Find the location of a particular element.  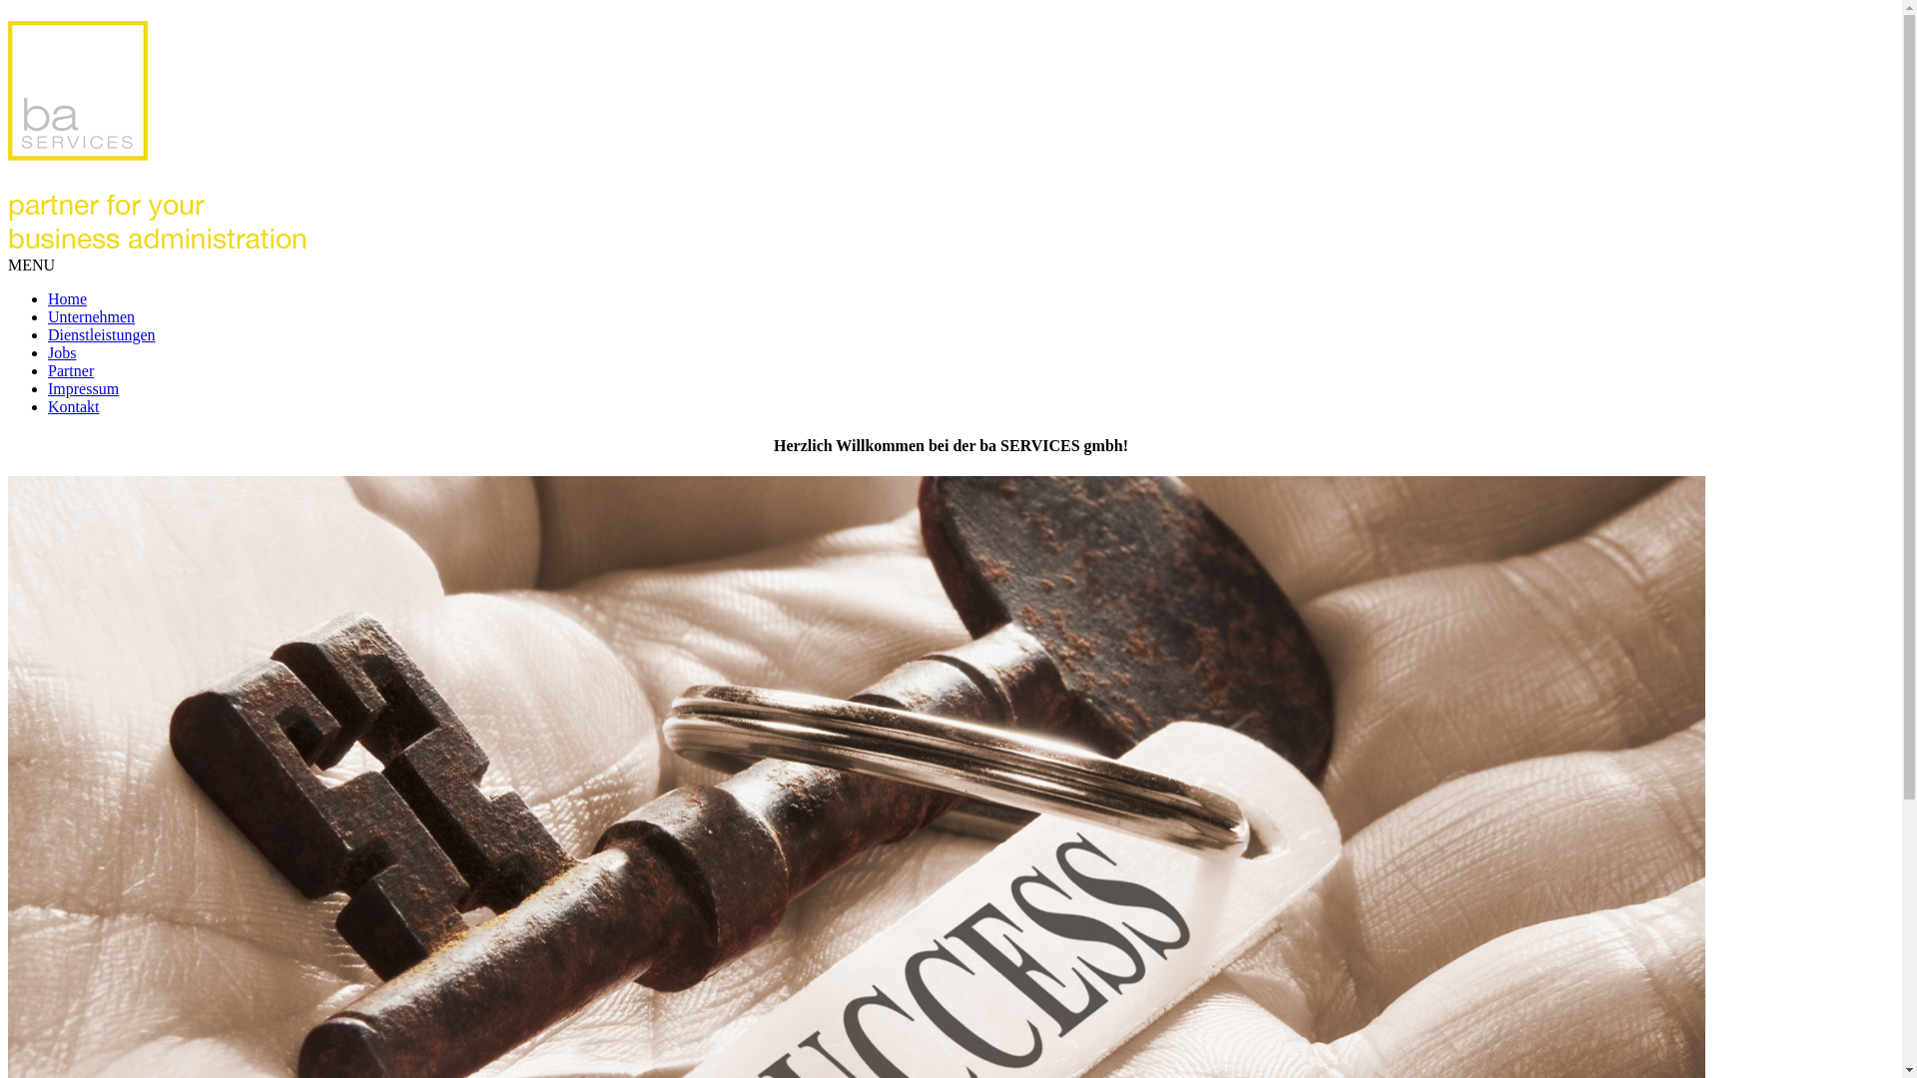

'Impressum' is located at coordinates (82, 388).